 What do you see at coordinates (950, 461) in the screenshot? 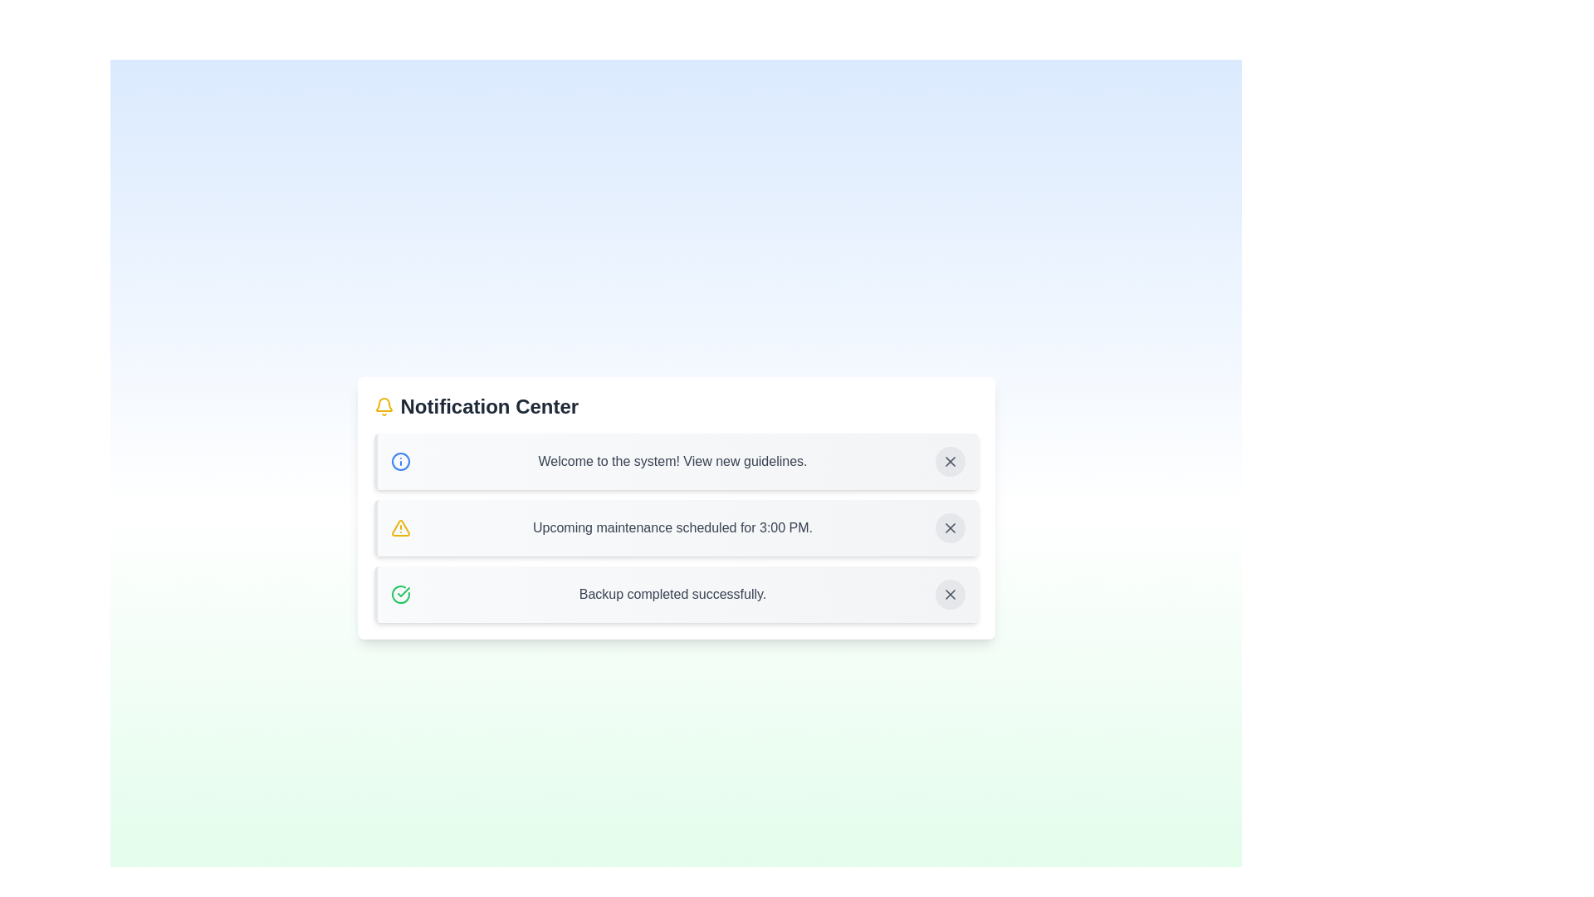
I see `the Close Button icon, which is a cross-shaped icon styled with a two-line design forming an 'X', located in the top-right corner of the first notification entry` at bounding box center [950, 461].